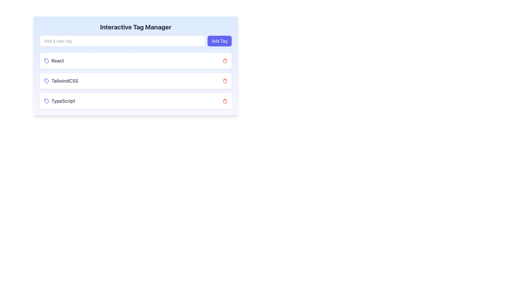  What do you see at coordinates (225, 101) in the screenshot?
I see `the small red trash can icon located at the far right of the TypeScript entry` at bounding box center [225, 101].